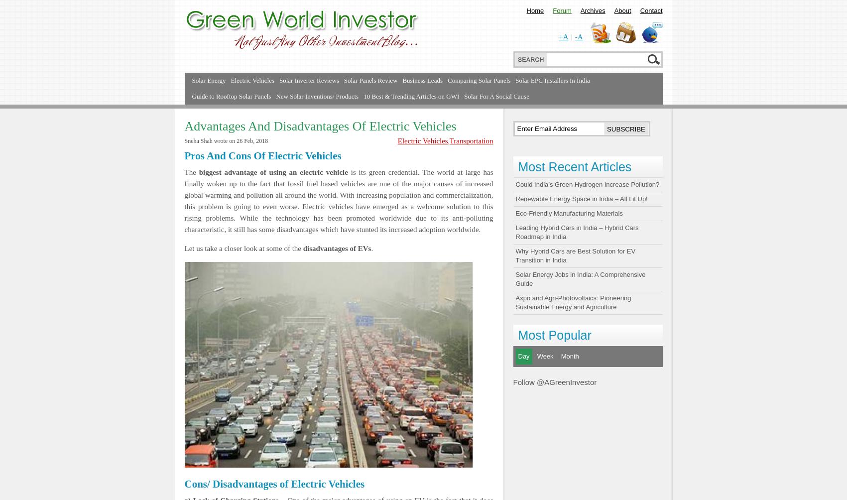 Image resolution: width=847 pixels, height=500 pixels. What do you see at coordinates (336, 248) in the screenshot?
I see `'disadvantages of EVs'` at bounding box center [336, 248].